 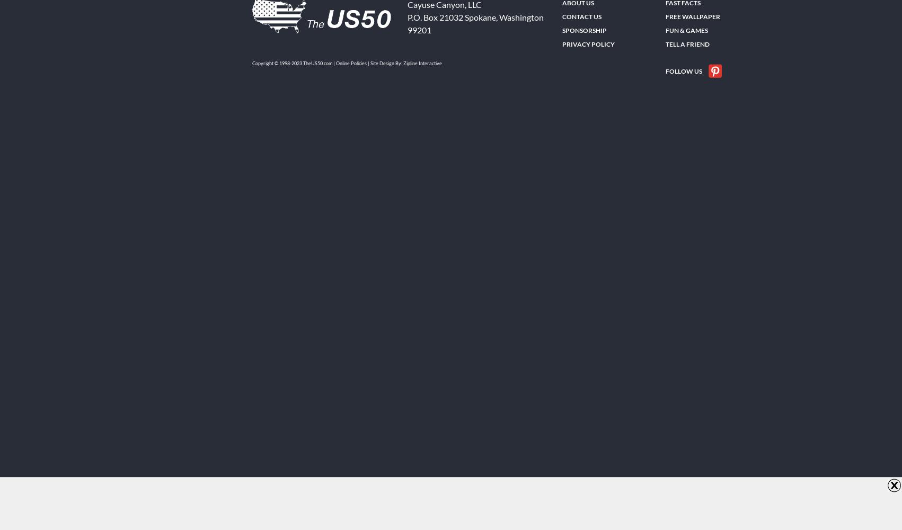 What do you see at coordinates (666, 16) in the screenshot?
I see `'FREE Wallpaper'` at bounding box center [666, 16].